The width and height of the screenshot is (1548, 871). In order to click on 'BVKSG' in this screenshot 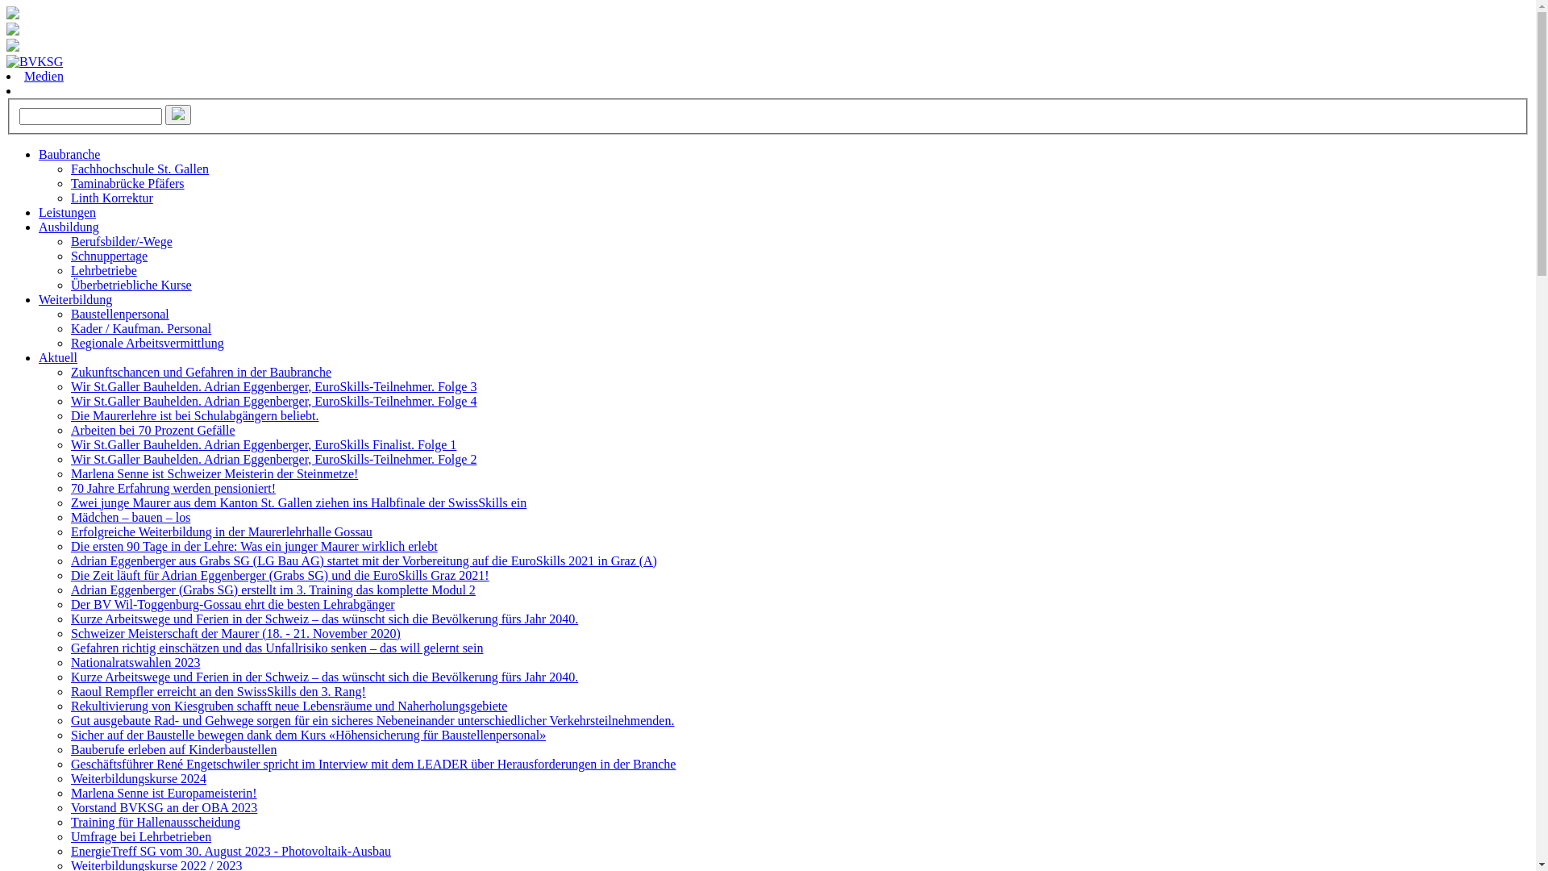, I will do `click(35, 61)`.